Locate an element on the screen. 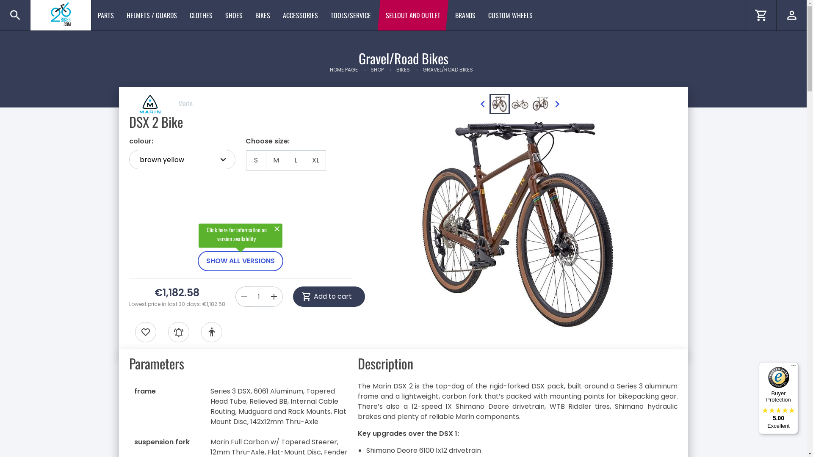 This screenshot has height=457, width=813. 'M' is located at coordinates (276, 160).